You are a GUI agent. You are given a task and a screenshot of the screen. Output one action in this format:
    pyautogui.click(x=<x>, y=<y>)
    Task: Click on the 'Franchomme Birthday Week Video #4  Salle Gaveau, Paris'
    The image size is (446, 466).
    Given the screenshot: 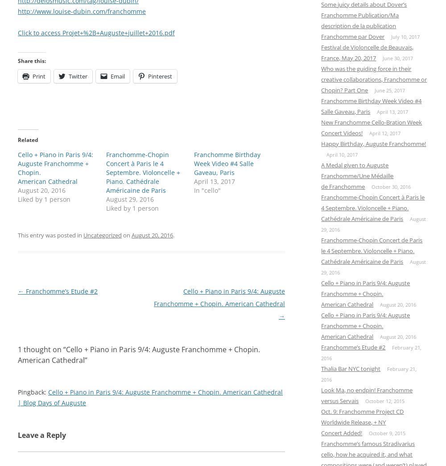 What is the action you would take?
    pyautogui.click(x=371, y=105)
    